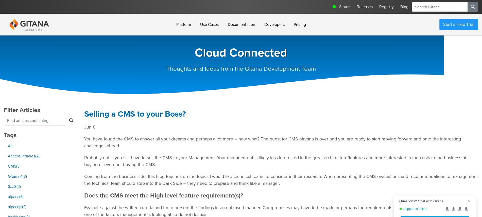  I want to click on 'Thoughts and Ideas from the Gitana Development Team', so click(240, 68).